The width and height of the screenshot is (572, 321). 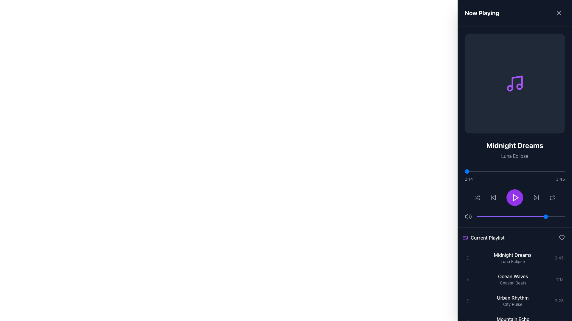 I want to click on the purple music-related icon depicting a list and musical note, located to the left of the 'Current Playlist' label in the navigation panel, so click(x=465, y=237).